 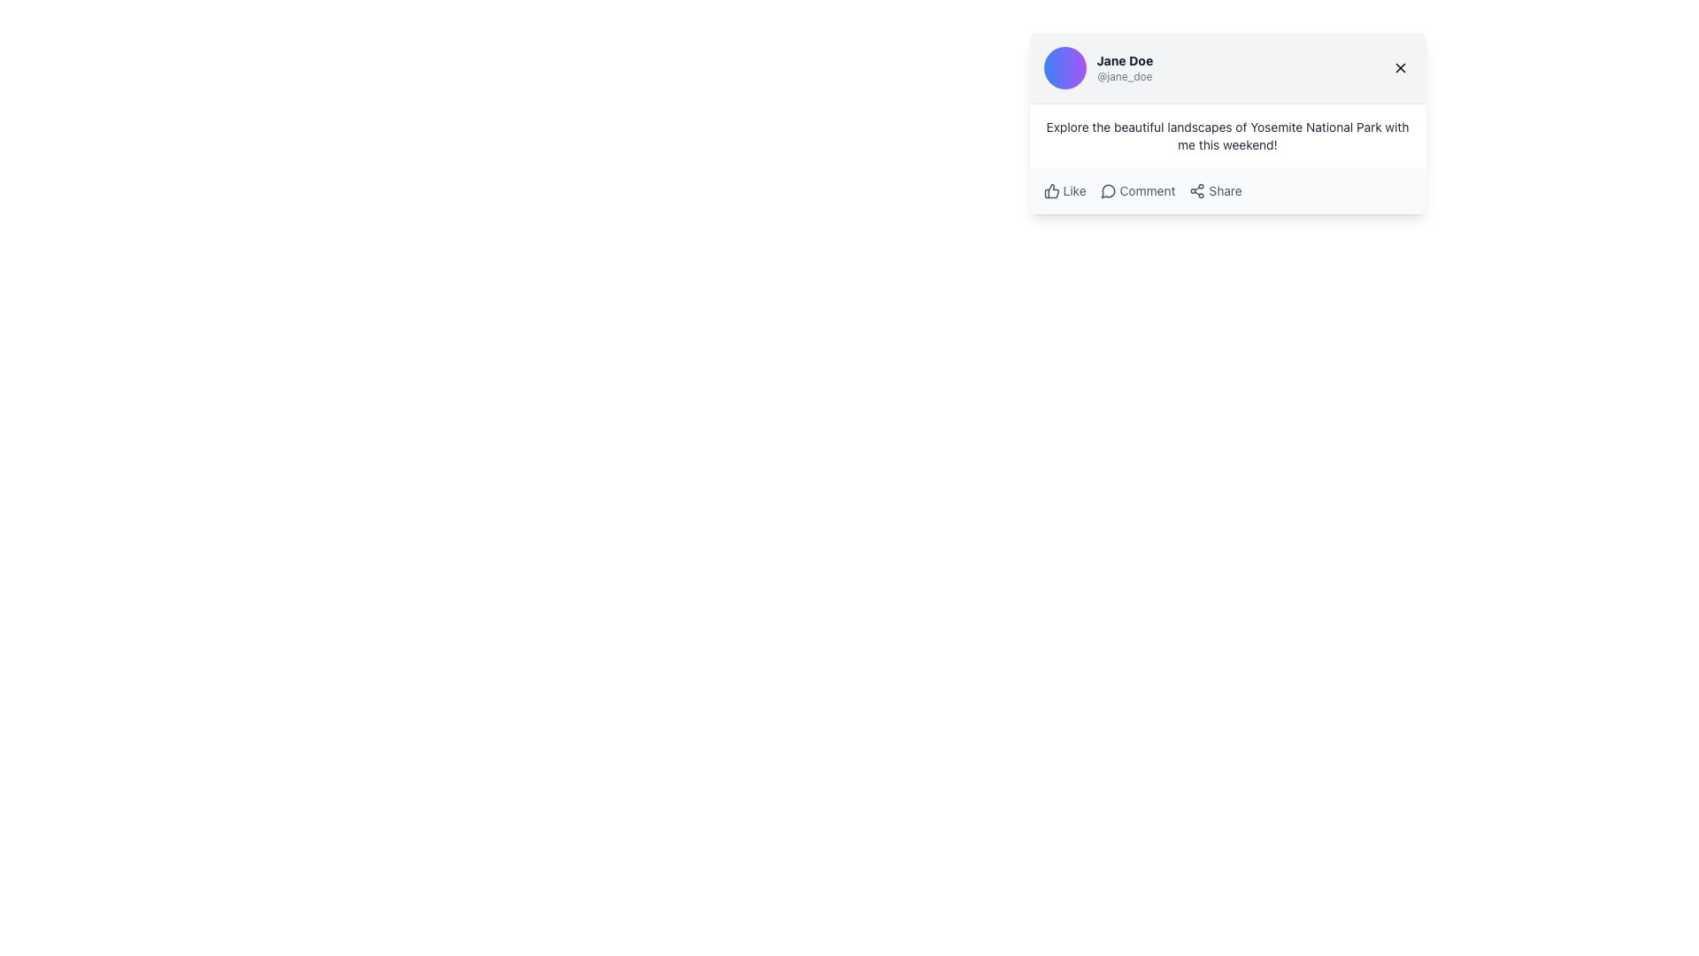 I want to click on the thumbs-up icon to like the content, located to the left of the 'Like' text label within a horizontal group of icons, so click(x=1051, y=191).